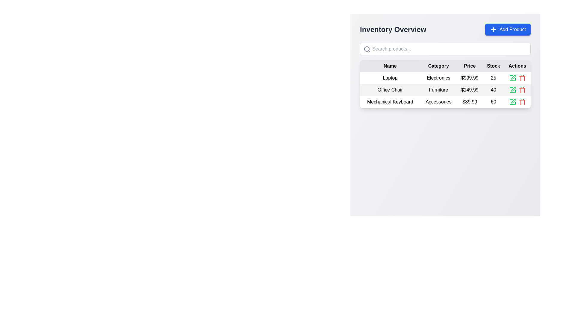  What do you see at coordinates (438, 78) in the screenshot?
I see `the static label identifying the category of the 'Laptop' product in the table, which is located in the 'Category' column between 'Laptop' and '$999.99'` at bounding box center [438, 78].